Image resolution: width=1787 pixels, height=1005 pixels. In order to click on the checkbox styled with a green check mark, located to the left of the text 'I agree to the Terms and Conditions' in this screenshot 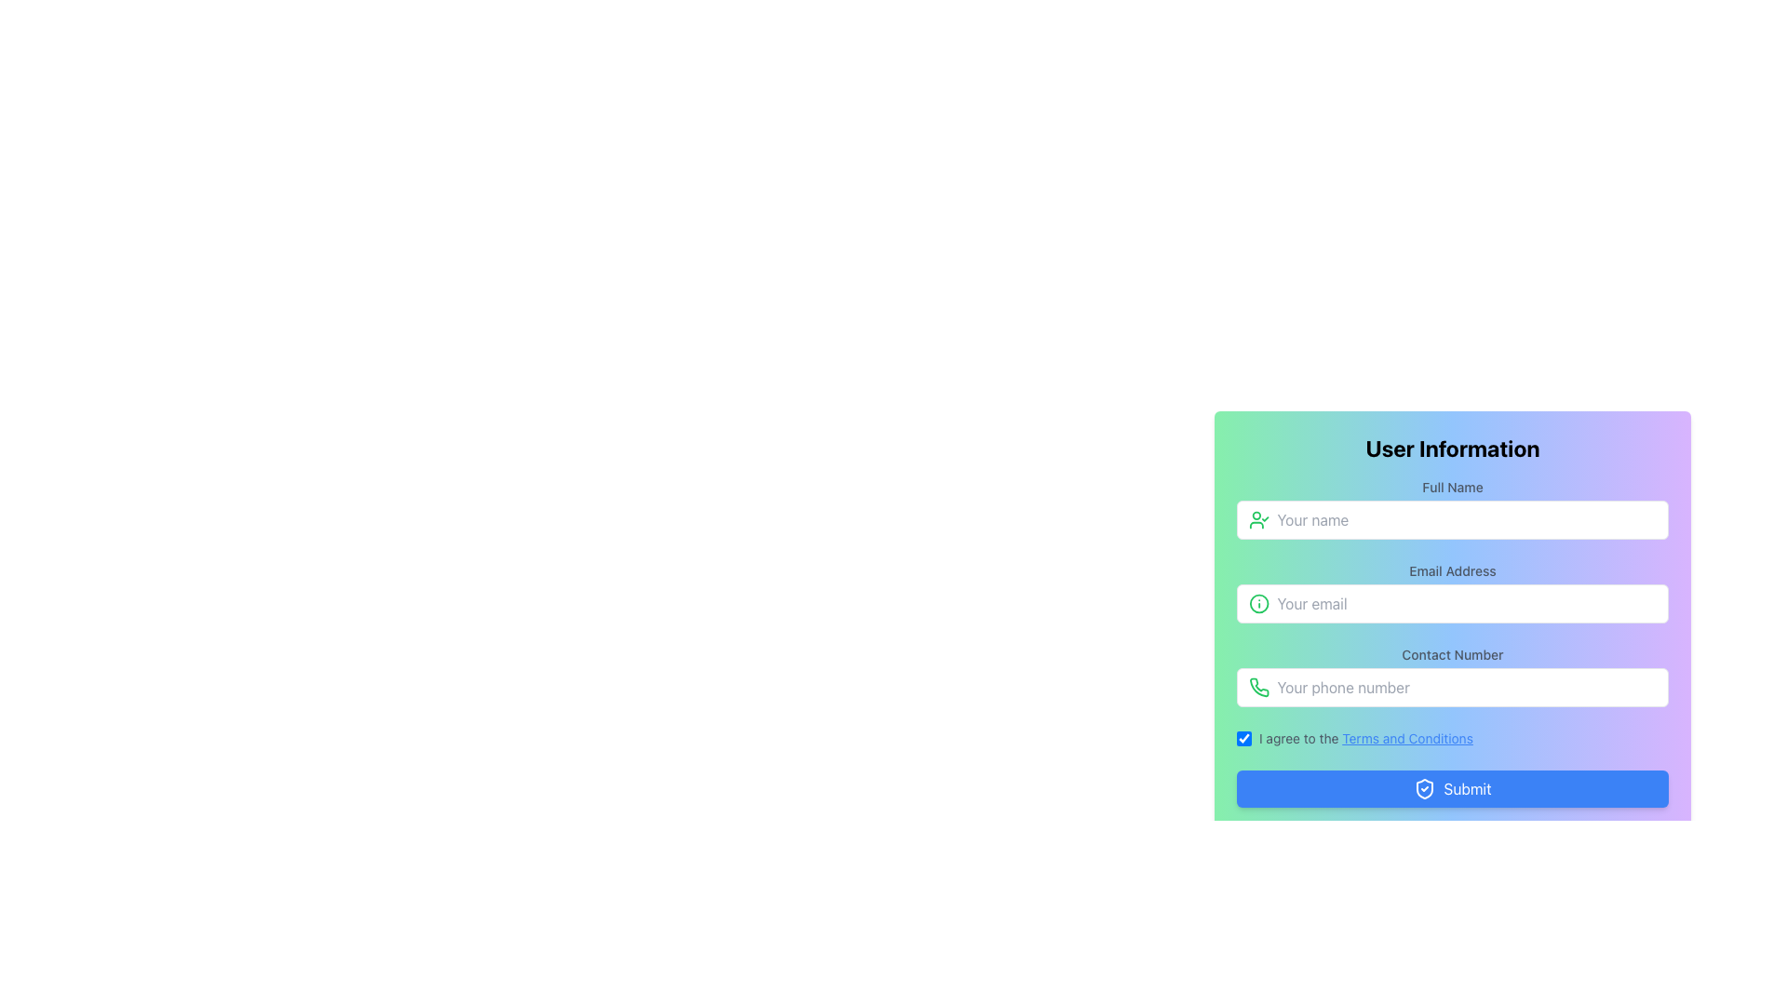, I will do `click(1244, 738)`.